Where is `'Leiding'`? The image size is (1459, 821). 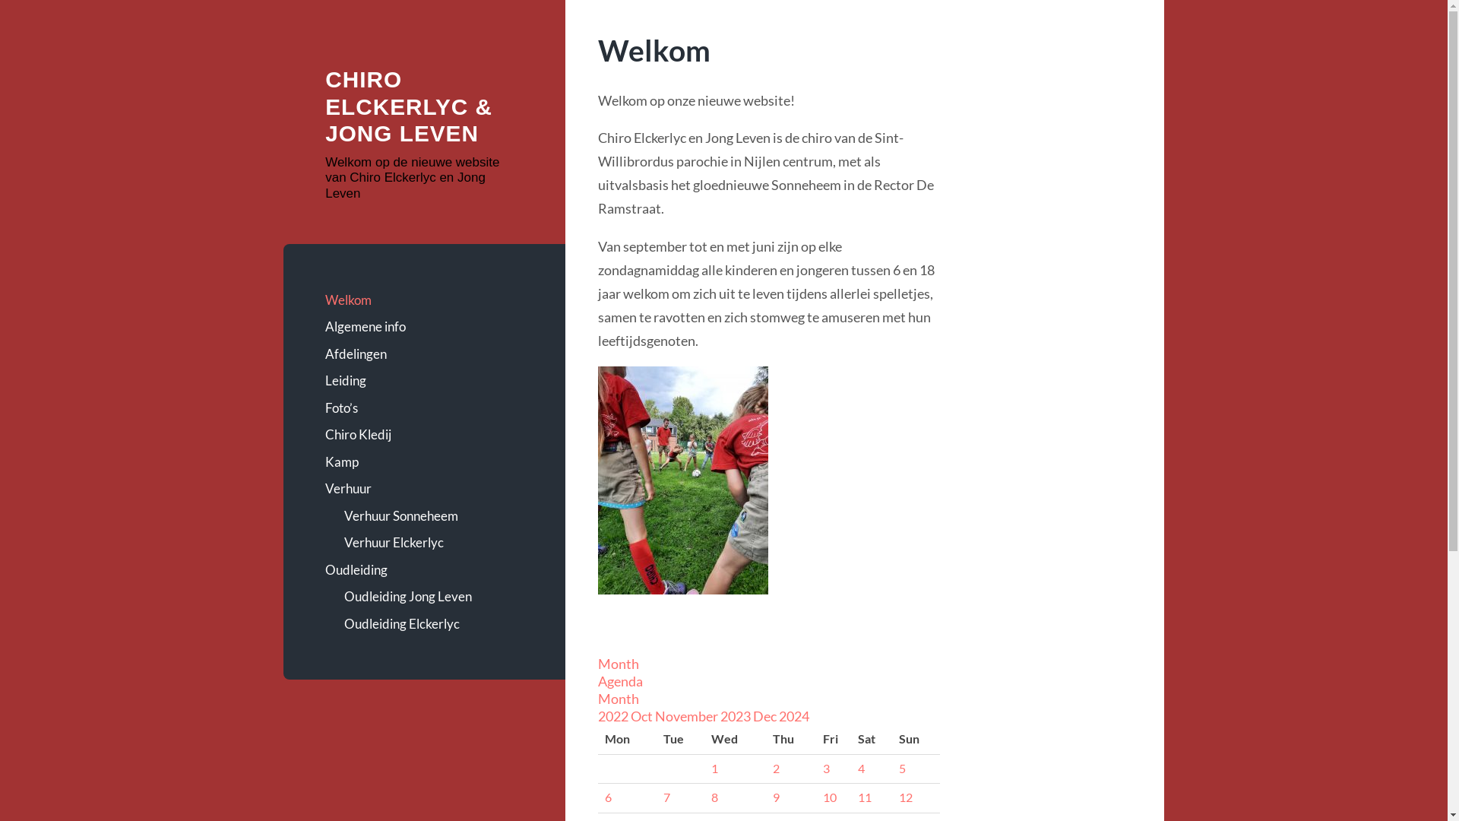 'Leiding' is located at coordinates (423, 380).